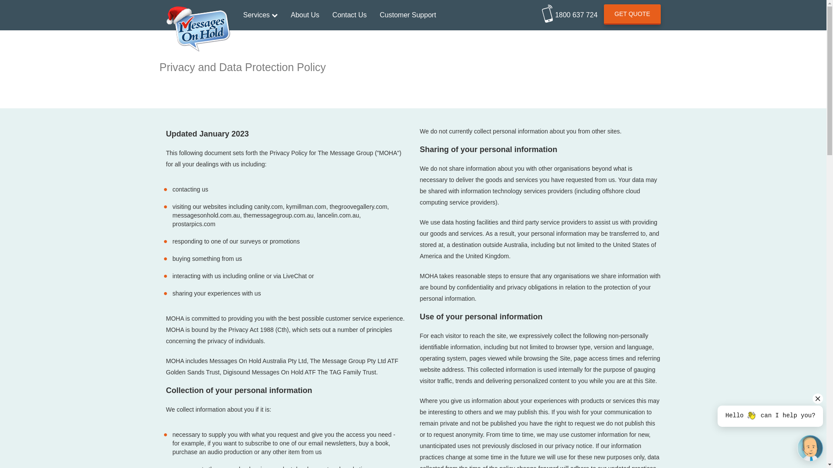 The image size is (833, 468). What do you see at coordinates (632, 14) in the screenshot?
I see `'GET QUOTE'` at bounding box center [632, 14].